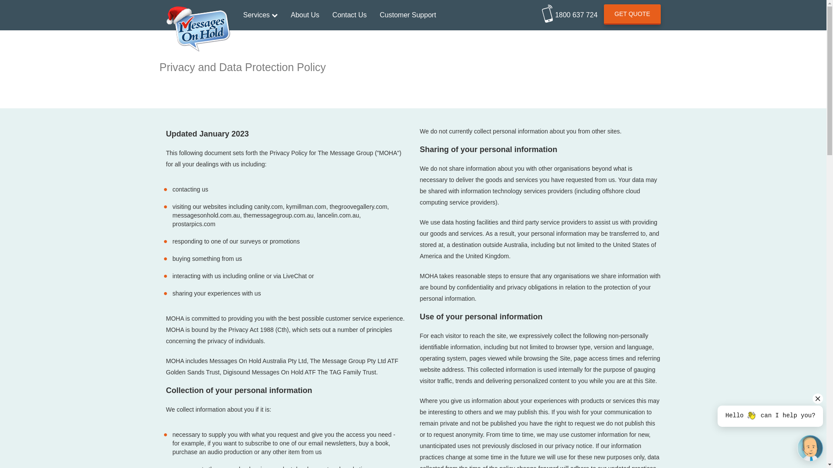 The image size is (833, 468). What do you see at coordinates (632, 14) in the screenshot?
I see `'GET QUOTE'` at bounding box center [632, 14].